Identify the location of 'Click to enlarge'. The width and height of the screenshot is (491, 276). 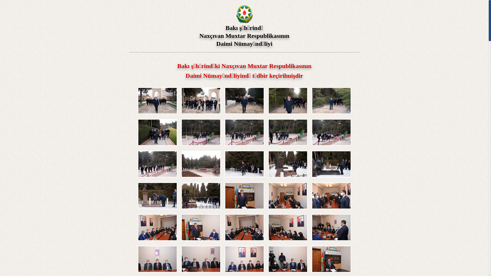
(287, 164).